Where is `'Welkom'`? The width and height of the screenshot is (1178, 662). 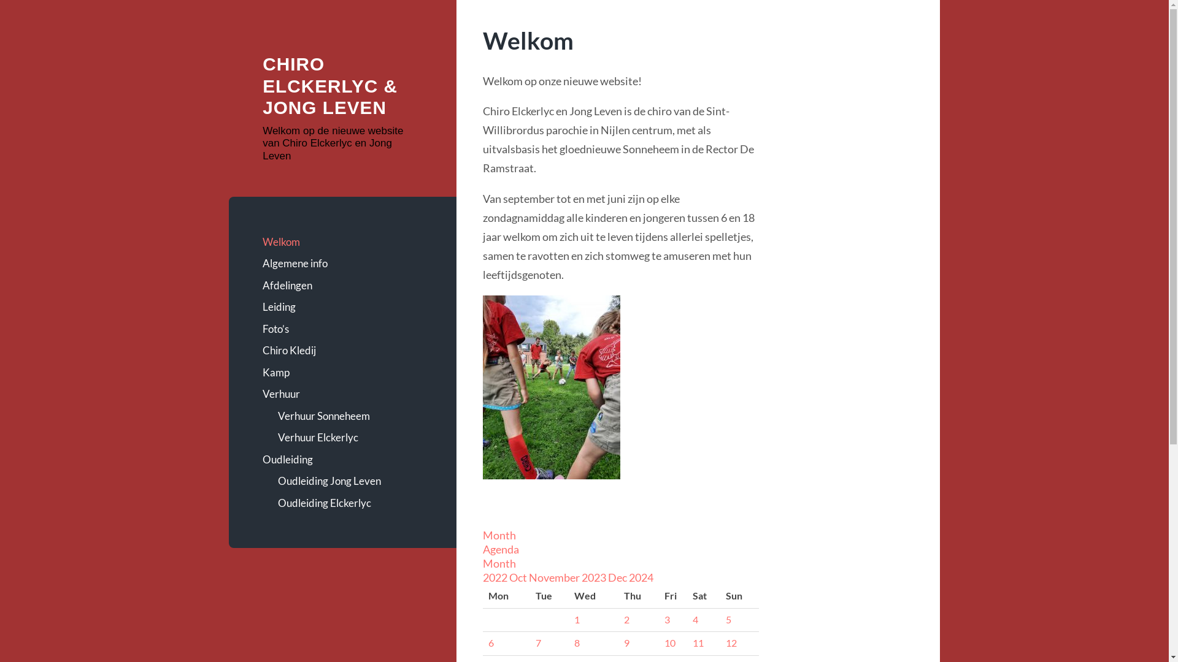
'Welkom' is located at coordinates (342, 242).